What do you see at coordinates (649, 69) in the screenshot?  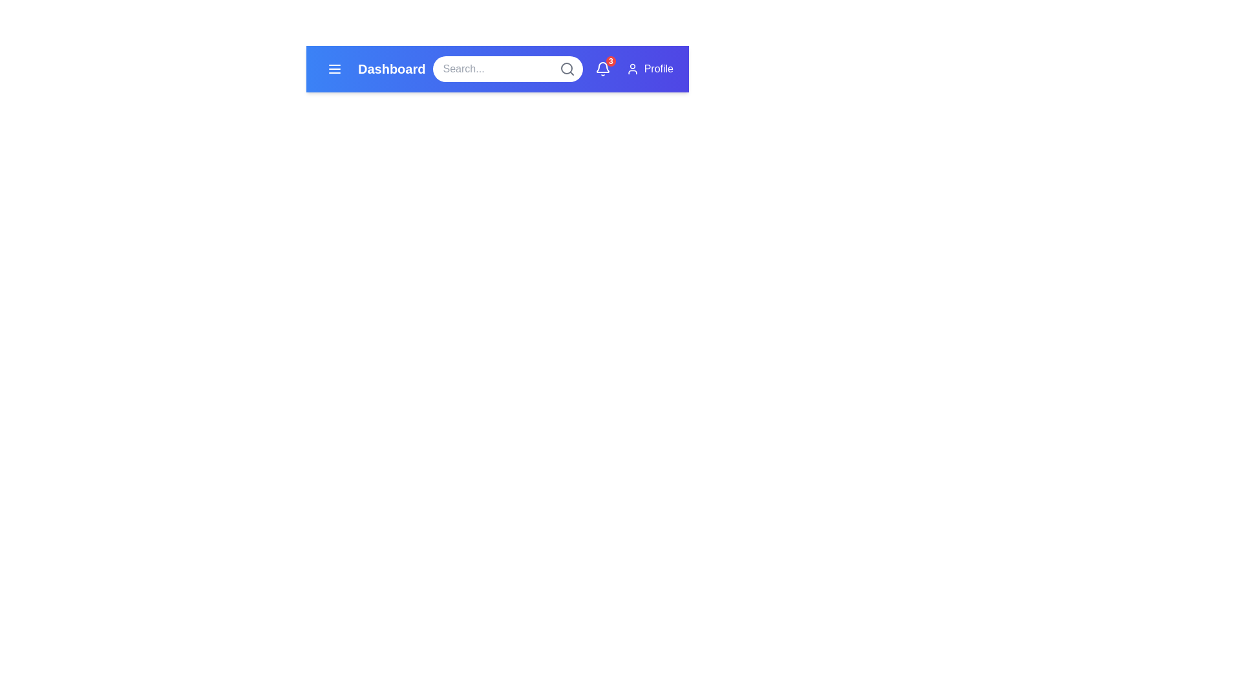 I see `the 'Profile' button, which features a user figure icon and bold text, located at the far-right side of the navigation bar` at bounding box center [649, 69].